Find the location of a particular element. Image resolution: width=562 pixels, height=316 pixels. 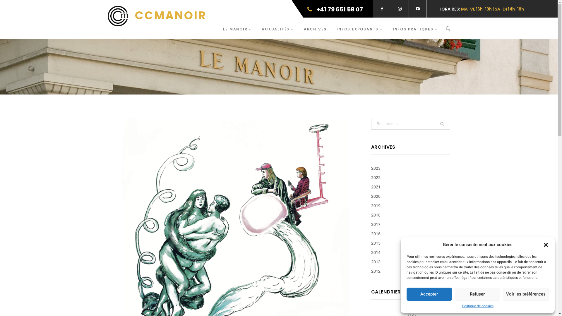

'2020' is located at coordinates (376, 196).